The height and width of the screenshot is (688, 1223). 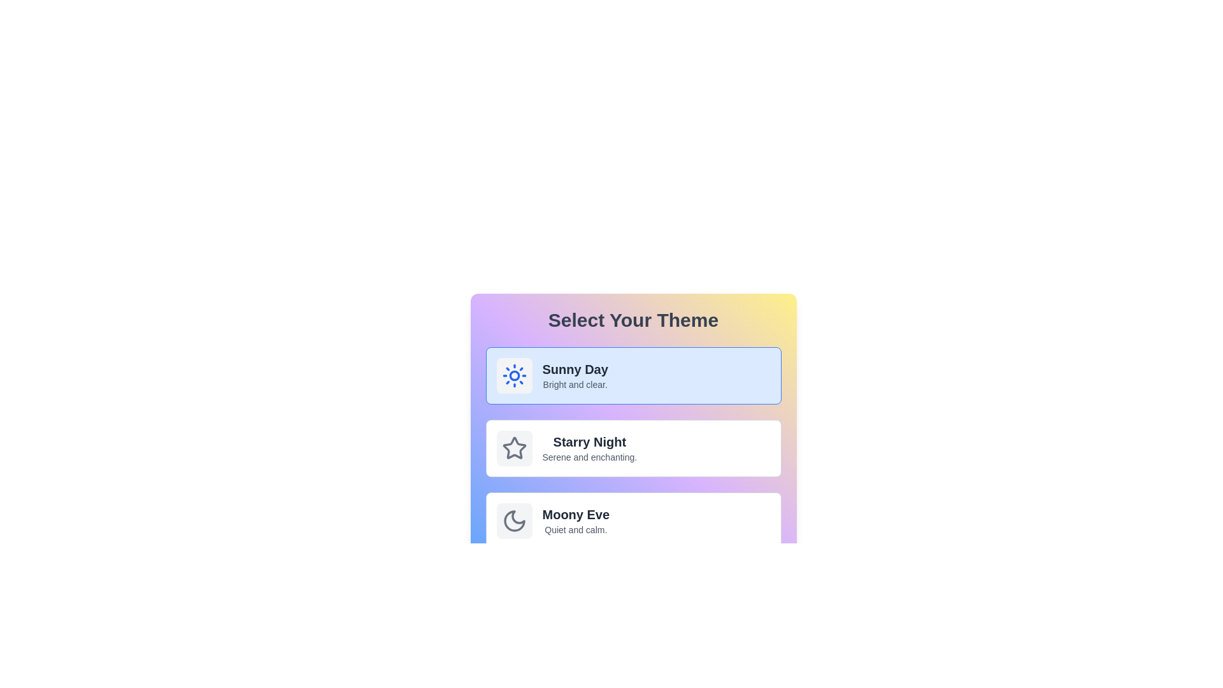 I want to click on the 'Sunny Day' labeling text element that provides the name and description of the theme, located in the top-left of the selection box, so click(x=575, y=375).